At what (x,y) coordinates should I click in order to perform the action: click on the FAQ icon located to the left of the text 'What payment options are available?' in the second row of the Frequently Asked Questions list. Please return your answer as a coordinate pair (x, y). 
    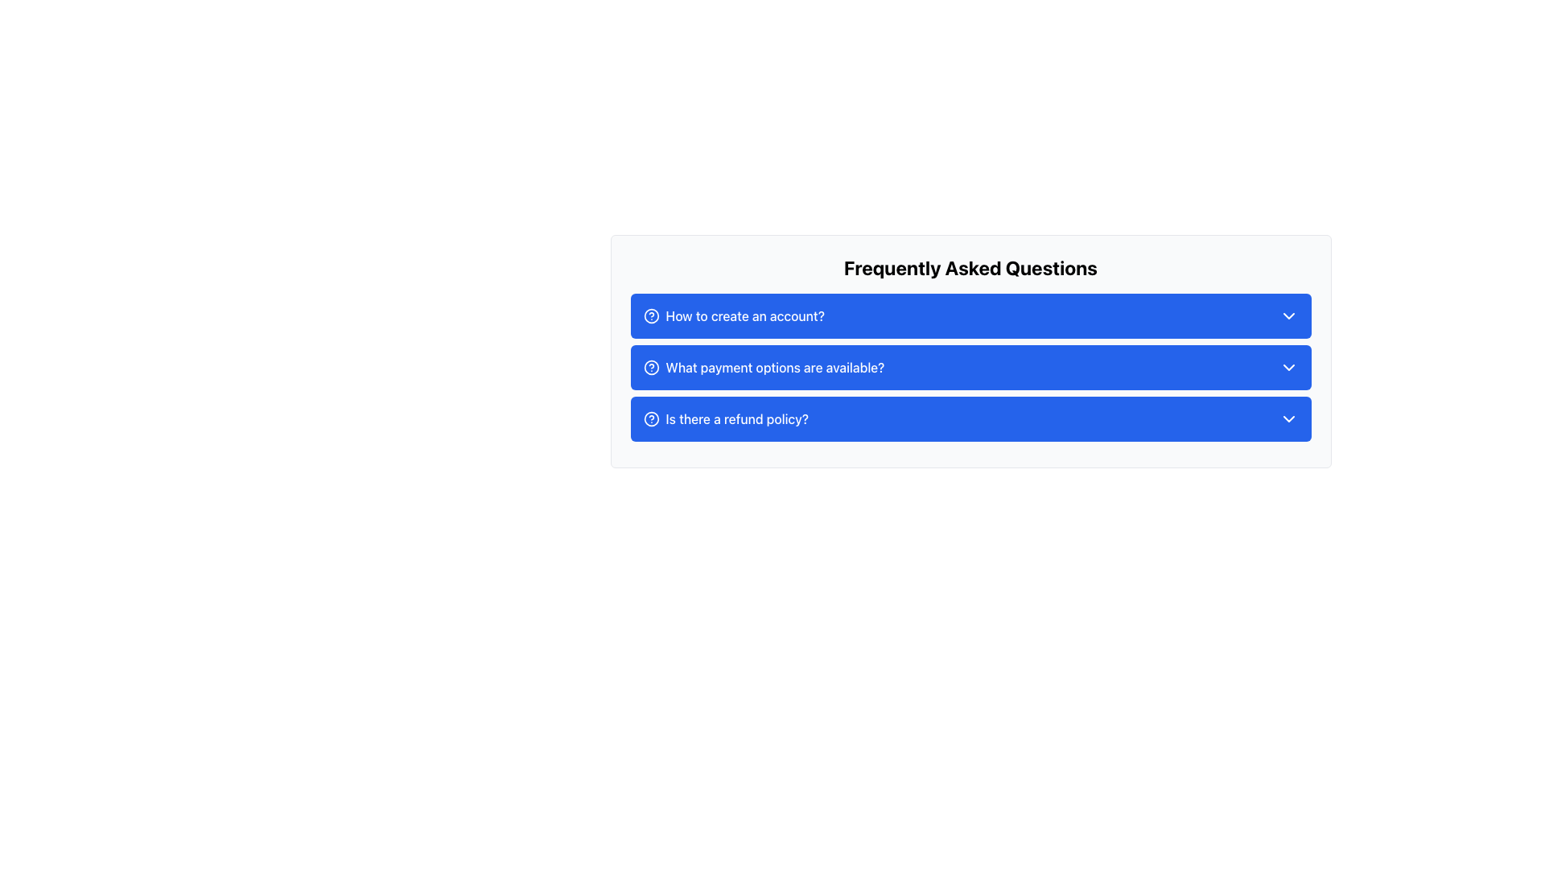
    Looking at the image, I should click on (651, 367).